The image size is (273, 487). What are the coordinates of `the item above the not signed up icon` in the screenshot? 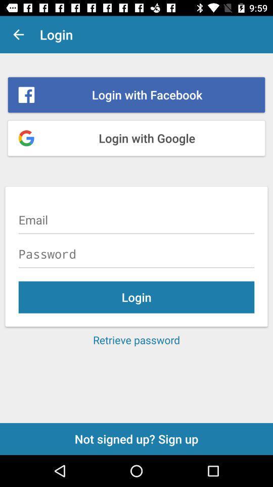 It's located at (136, 340).